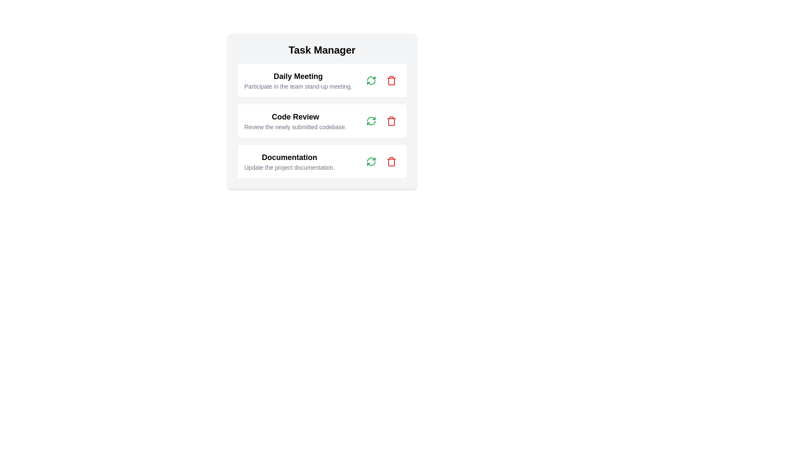 Image resolution: width=811 pixels, height=456 pixels. Describe the element at coordinates (371, 81) in the screenshot. I see `the green rounded button with a refresh icon adjacent to the 'Daily Meeting' text in the 'Task Manager' module` at that location.